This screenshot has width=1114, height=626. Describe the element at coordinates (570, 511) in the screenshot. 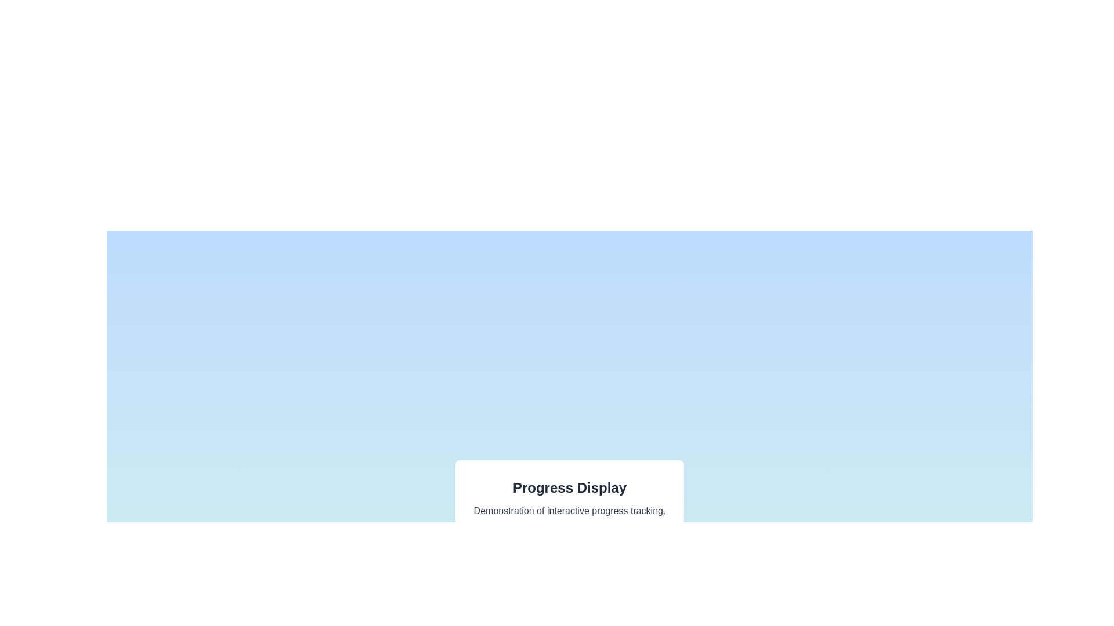

I see `text content of the Text Label positioned below the 'Progress Display' header and above the progress bar` at that location.